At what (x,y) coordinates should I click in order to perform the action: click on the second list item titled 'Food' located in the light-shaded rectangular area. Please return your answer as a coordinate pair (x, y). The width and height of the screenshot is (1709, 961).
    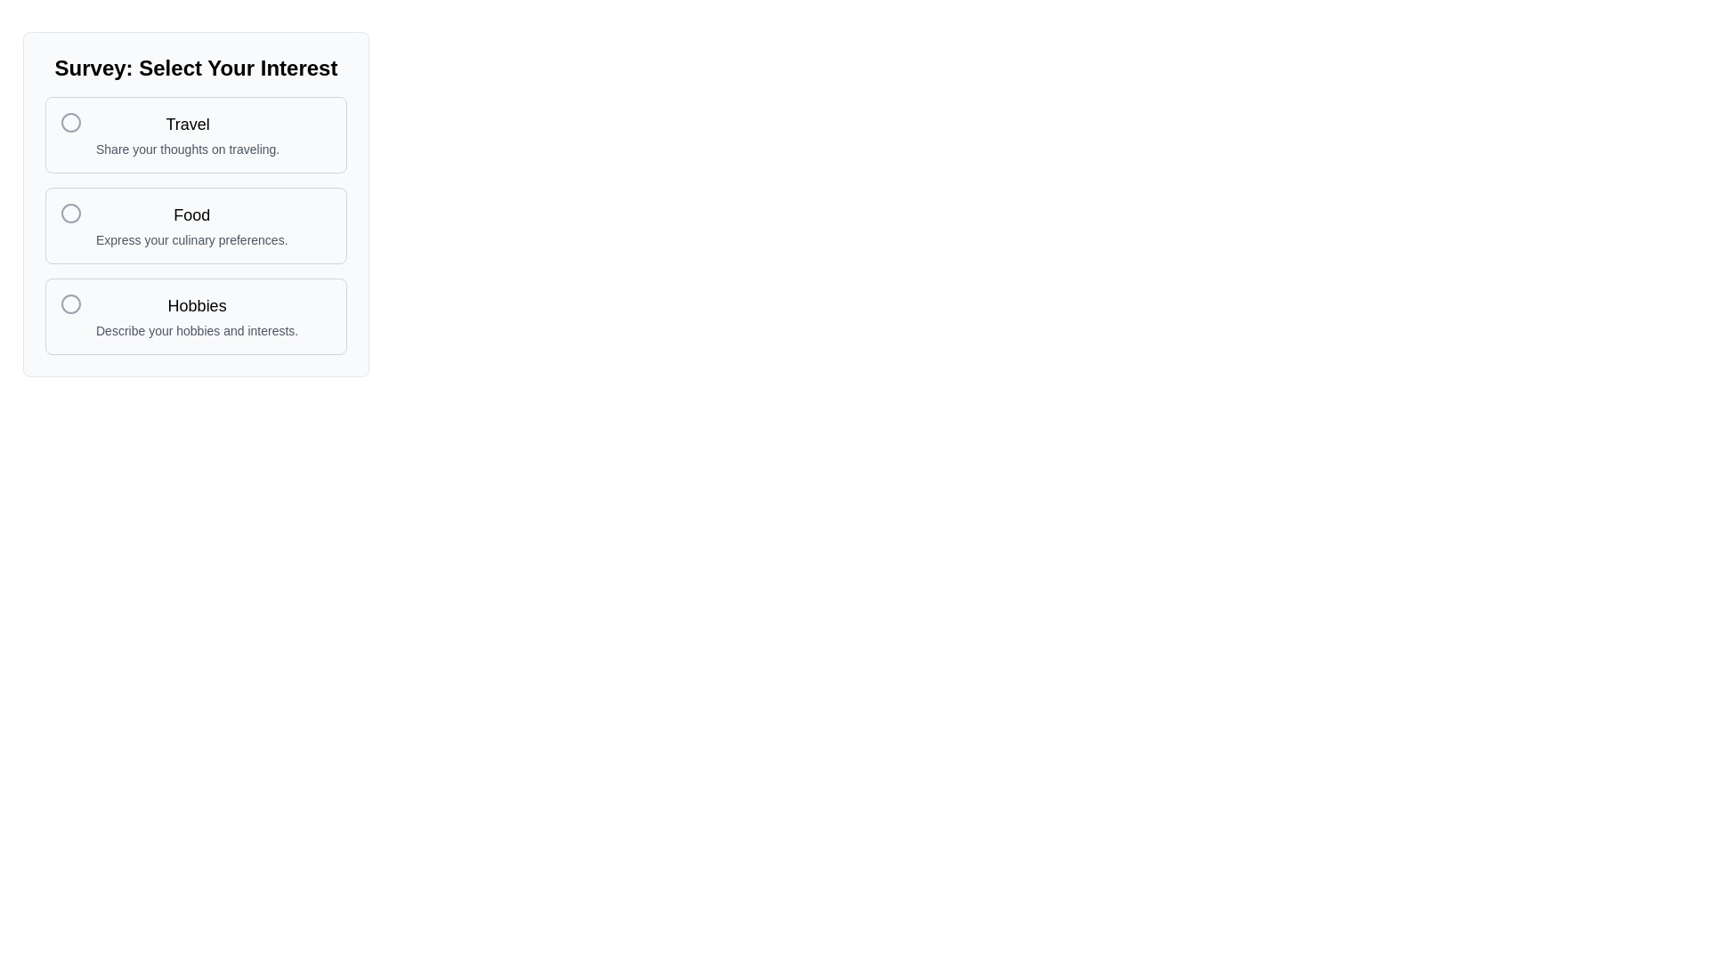
    Looking at the image, I should click on (196, 225).